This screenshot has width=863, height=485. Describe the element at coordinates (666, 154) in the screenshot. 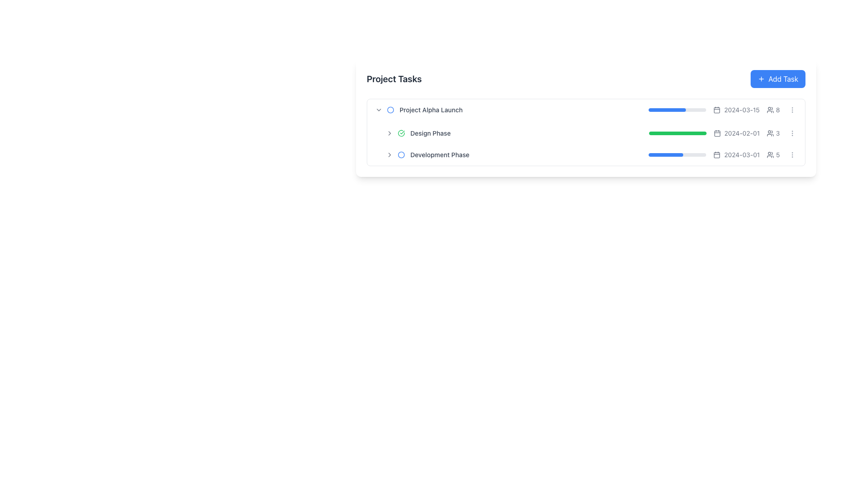

I see `the filled portion of the progress bar indicating 60% completion for the 'Development Phase' in the task list interface` at that location.